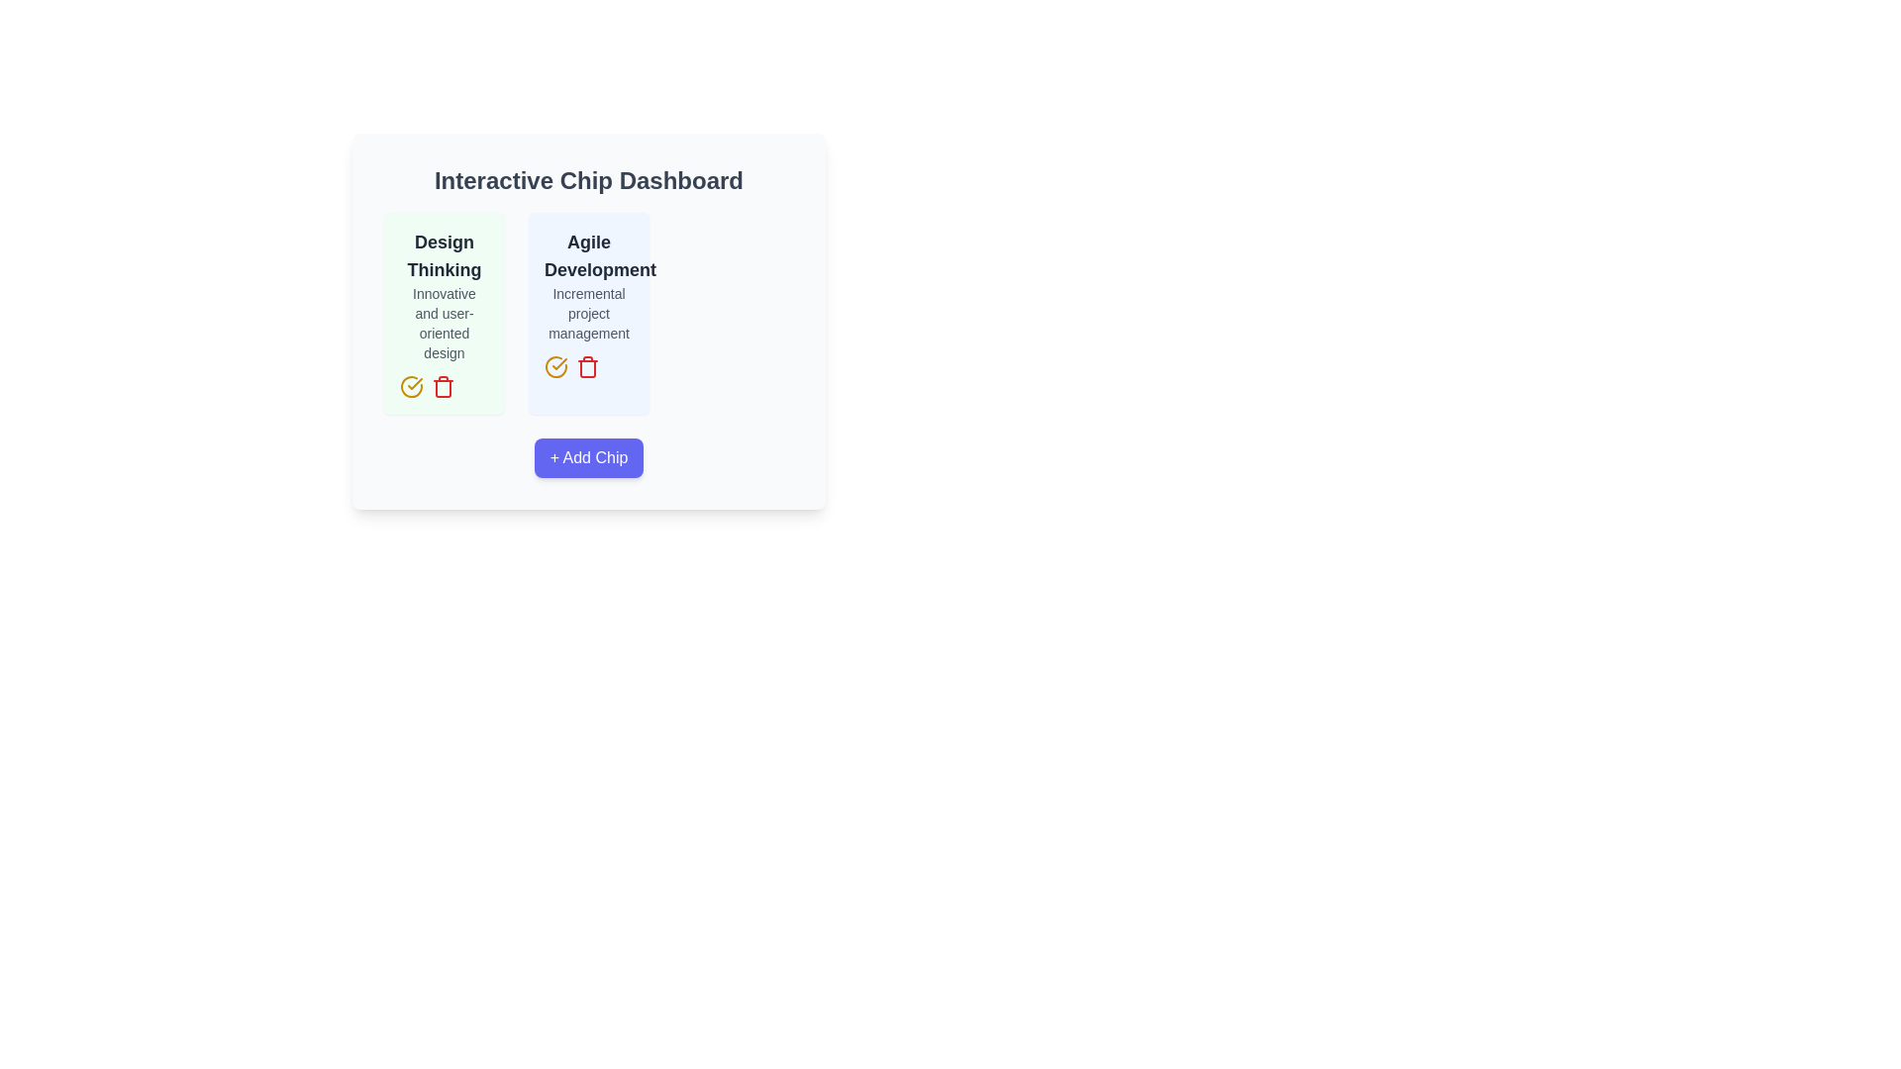  Describe the element at coordinates (444, 254) in the screenshot. I see `the 'Design Thinking' text label, which is prominently displayed at the top of a green-background card, styled in bold with two lines of text` at that location.